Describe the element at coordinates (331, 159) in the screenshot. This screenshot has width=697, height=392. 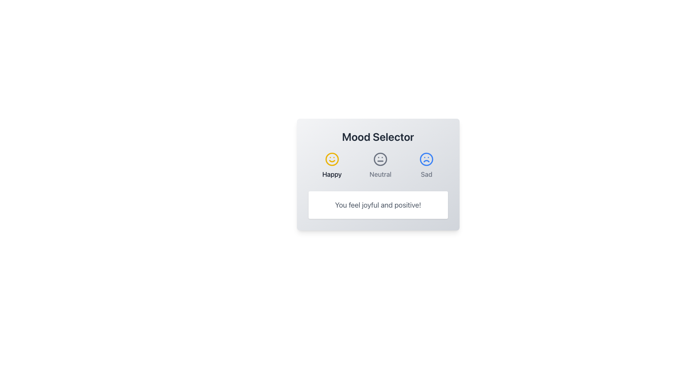
I see `the circular SVG ellipse that defines the outline of the smiley face icon in the mood selection interface` at that location.